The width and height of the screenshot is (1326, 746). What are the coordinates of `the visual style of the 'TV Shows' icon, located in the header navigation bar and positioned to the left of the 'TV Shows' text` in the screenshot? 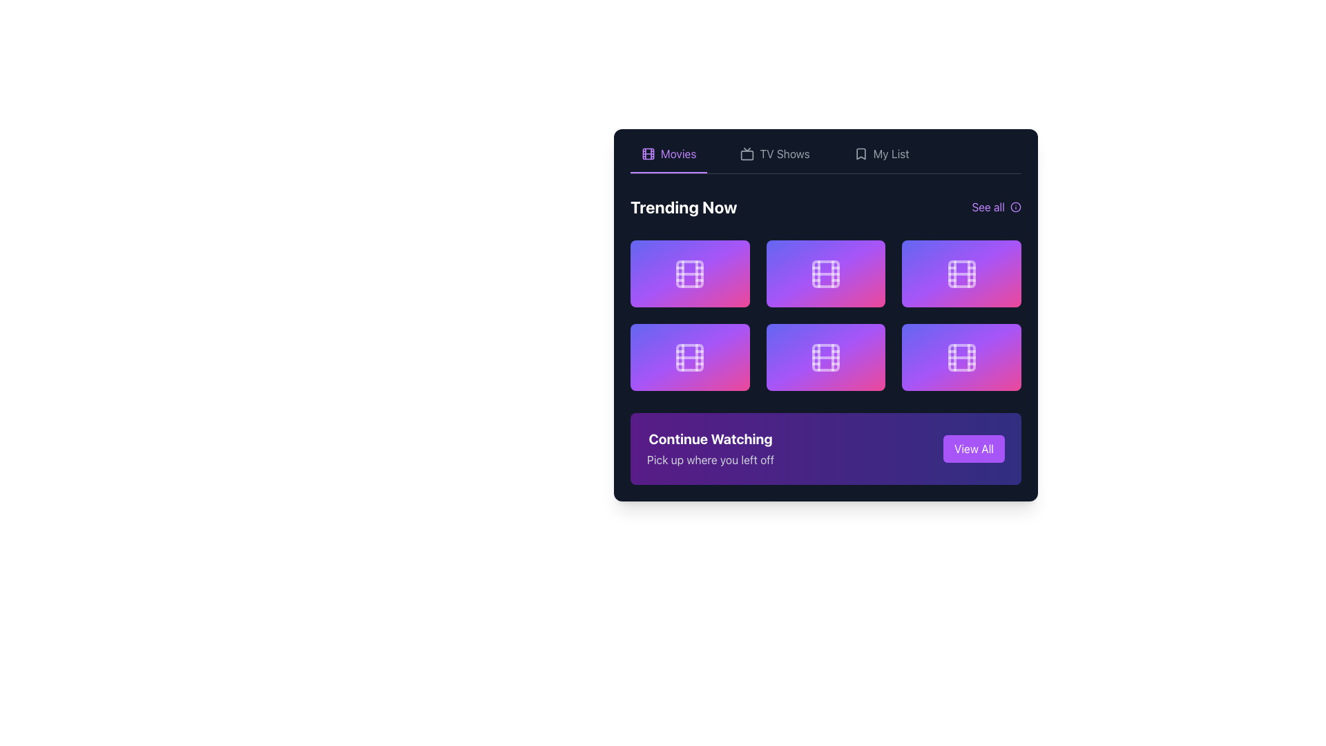 It's located at (747, 154).